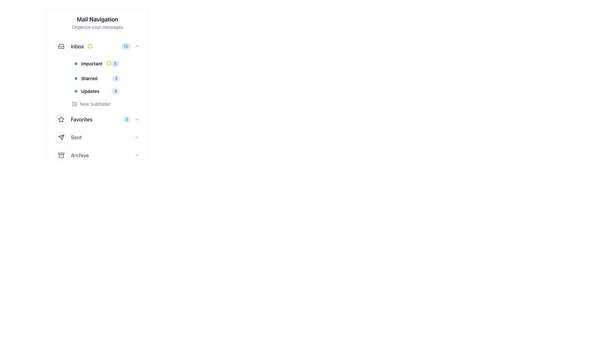 The height and width of the screenshot is (346, 616). I want to click on the SVG icon representing the 'Archive' functionality in the Mail Navigation sidebar to change its color, so click(61, 155).